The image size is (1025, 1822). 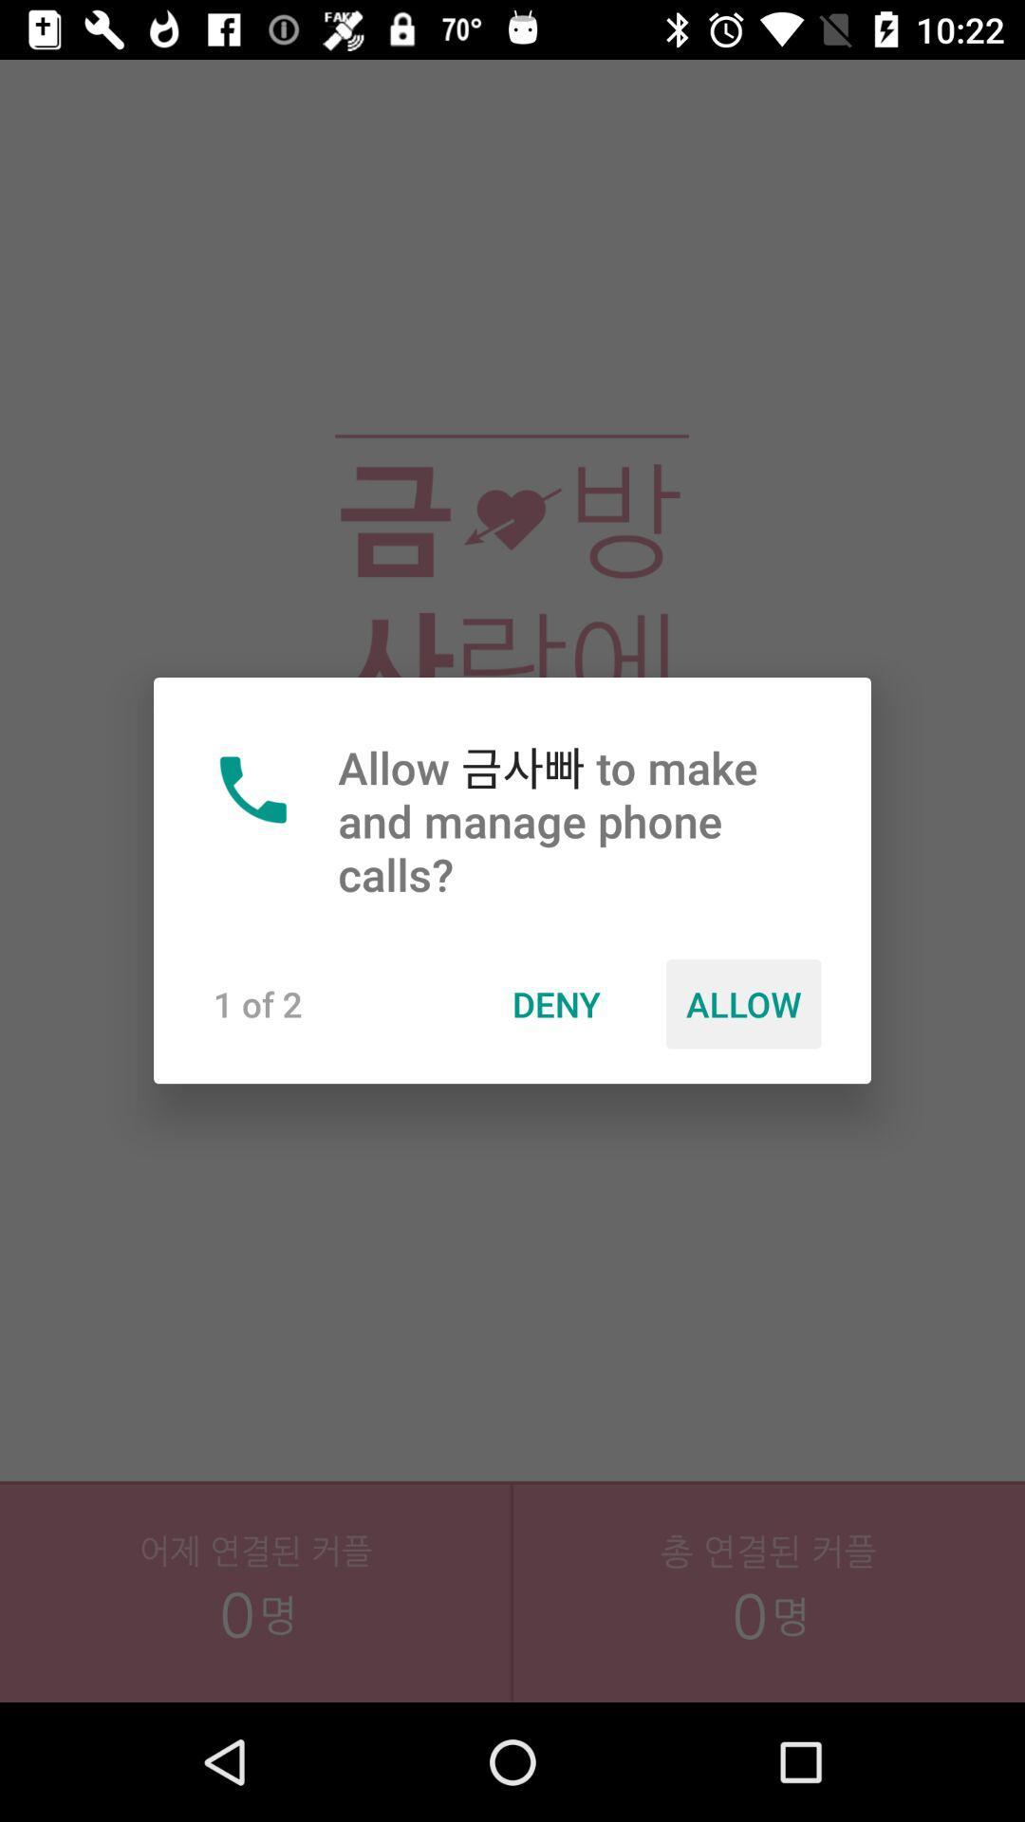 What do you see at coordinates (256, 1632) in the screenshot?
I see `icon at the bottom left corner` at bounding box center [256, 1632].